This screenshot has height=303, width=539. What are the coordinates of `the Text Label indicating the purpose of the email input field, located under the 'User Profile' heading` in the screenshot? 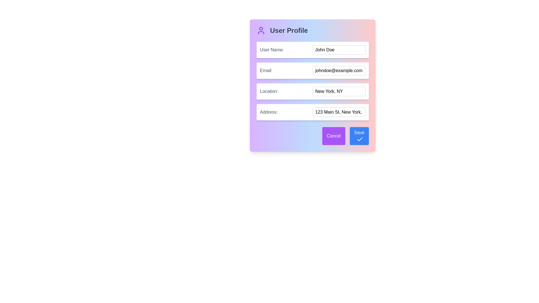 It's located at (266, 70).